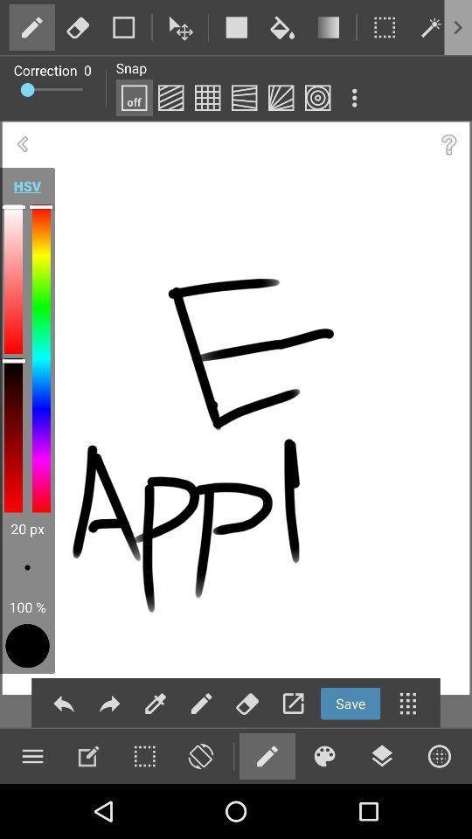 The width and height of the screenshot is (472, 839). I want to click on use pencil to draw, so click(267, 755).